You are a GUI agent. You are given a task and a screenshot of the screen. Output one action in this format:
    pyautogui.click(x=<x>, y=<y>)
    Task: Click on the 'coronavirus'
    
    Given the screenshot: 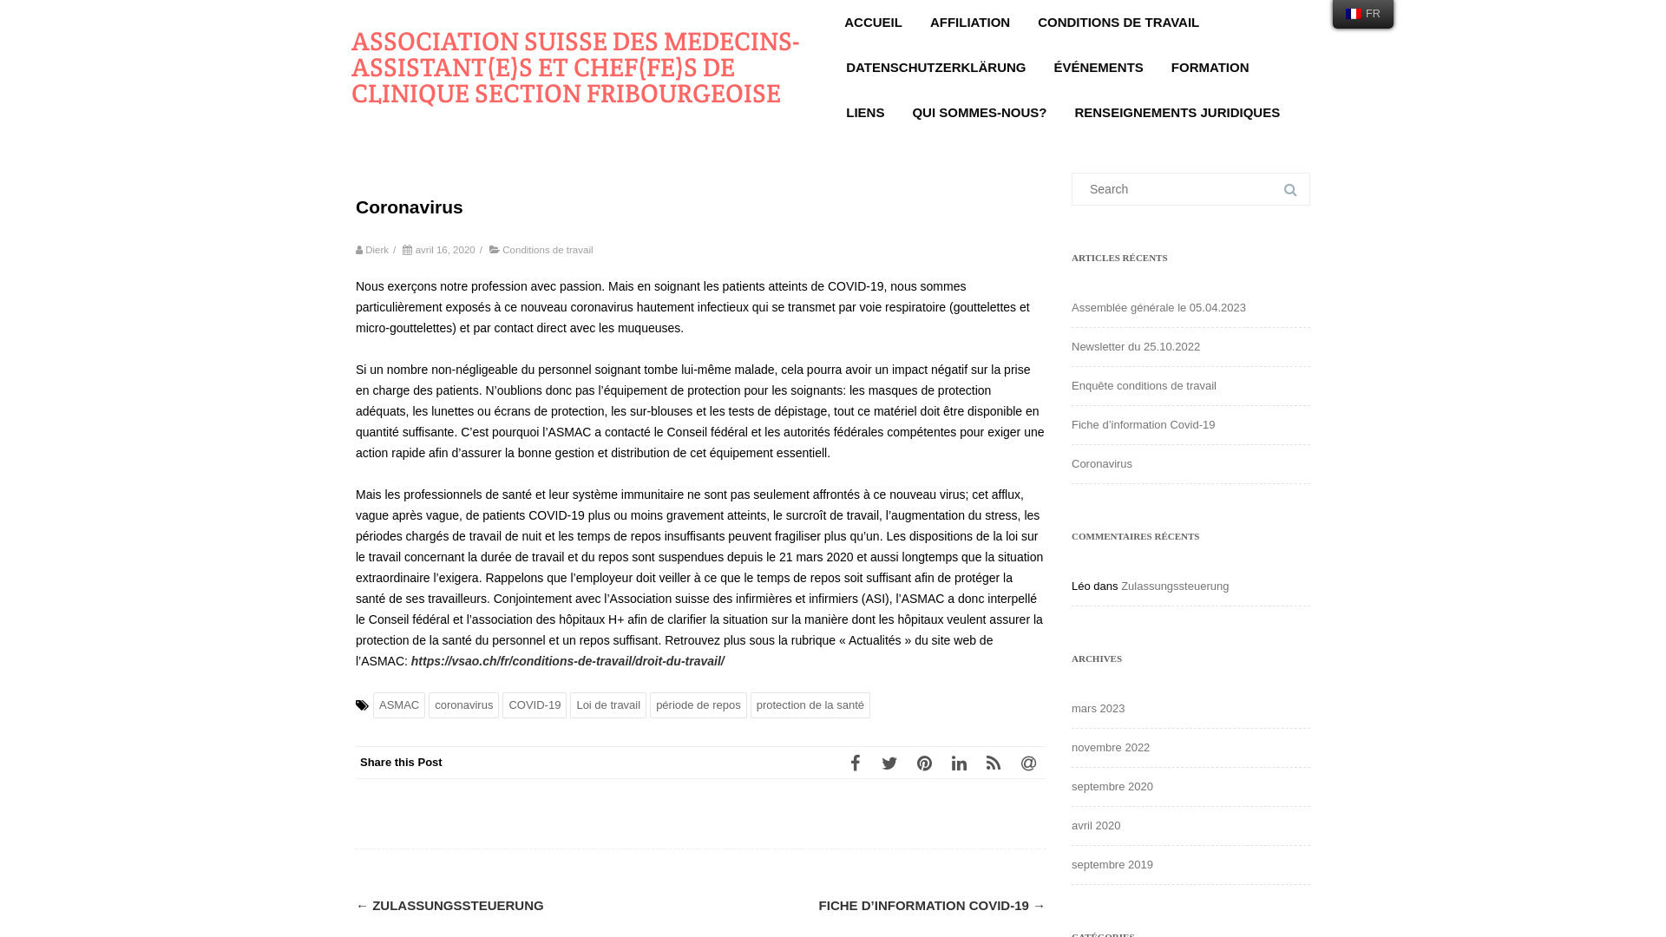 What is the action you would take?
    pyautogui.click(x=463, y=705)
    